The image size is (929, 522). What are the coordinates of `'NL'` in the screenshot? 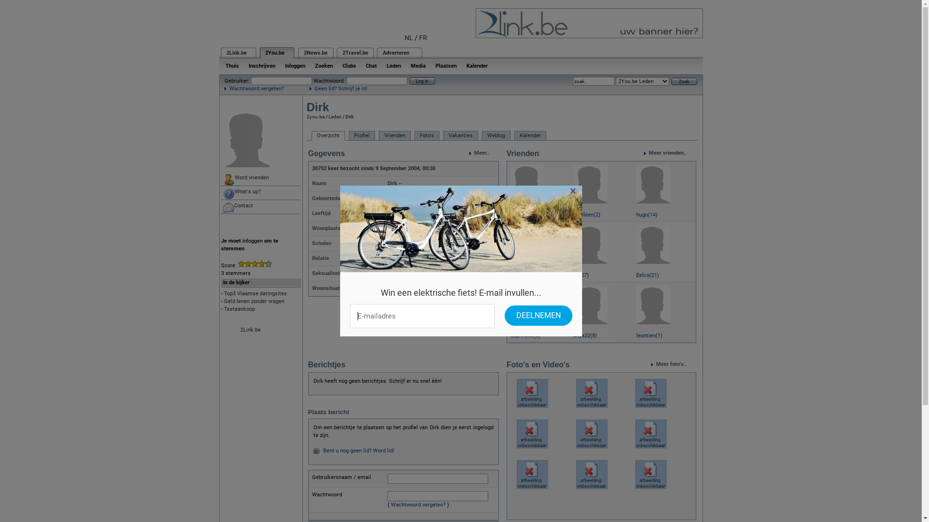 It's located at (408, 37).